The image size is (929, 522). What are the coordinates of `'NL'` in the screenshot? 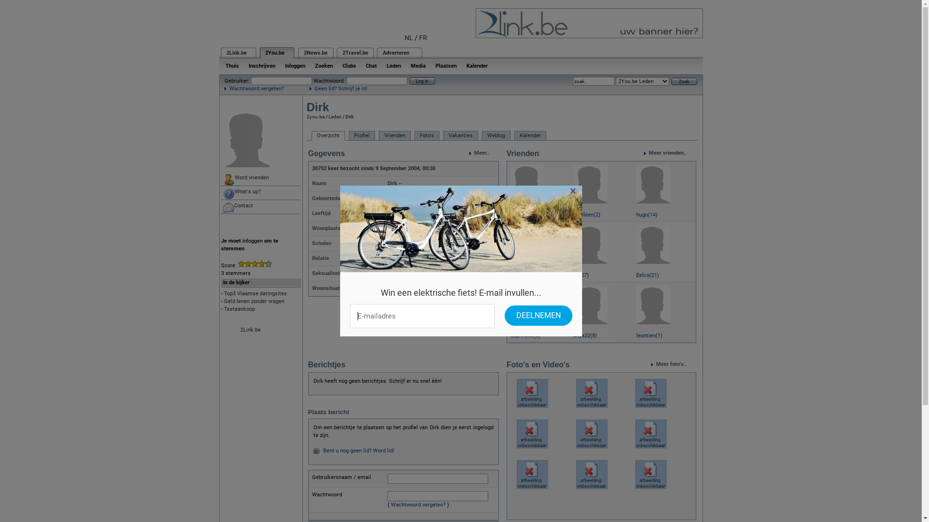 It's located at (408, 37).